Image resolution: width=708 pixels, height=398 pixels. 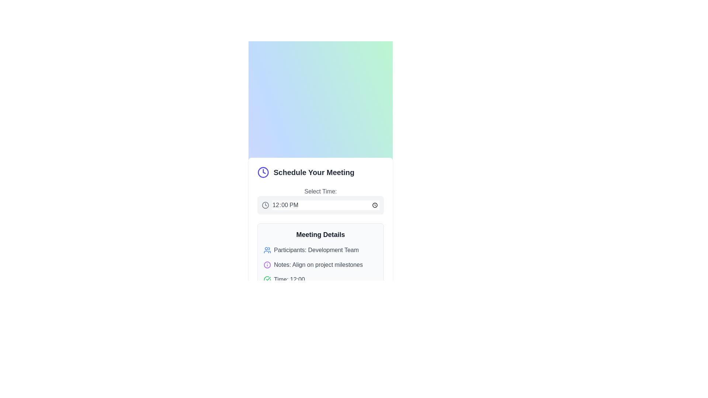 I want to click on the icon representing participants in the 'Meeting Details' section, located next to the label 'Participants: Development Team', so click(x=267, y=249).